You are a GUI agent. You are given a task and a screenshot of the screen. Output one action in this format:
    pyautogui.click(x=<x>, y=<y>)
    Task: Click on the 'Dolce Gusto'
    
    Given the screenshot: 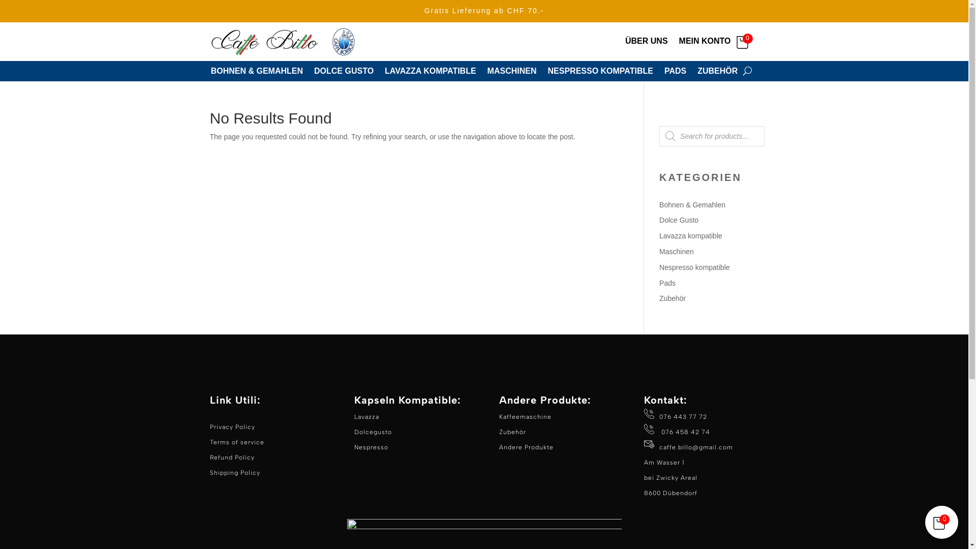 What is the action you would take?
    pyautogui.click(x=679, y=219)
    